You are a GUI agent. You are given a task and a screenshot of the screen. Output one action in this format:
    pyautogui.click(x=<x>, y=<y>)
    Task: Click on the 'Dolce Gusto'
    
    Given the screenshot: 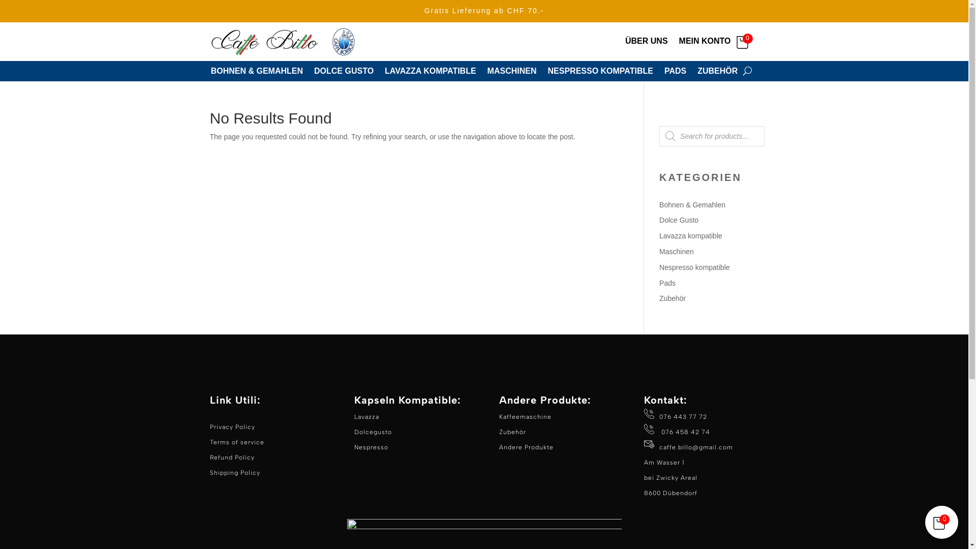 What is the action you would take?
    pyautogui.click(x=679, y=219)
    